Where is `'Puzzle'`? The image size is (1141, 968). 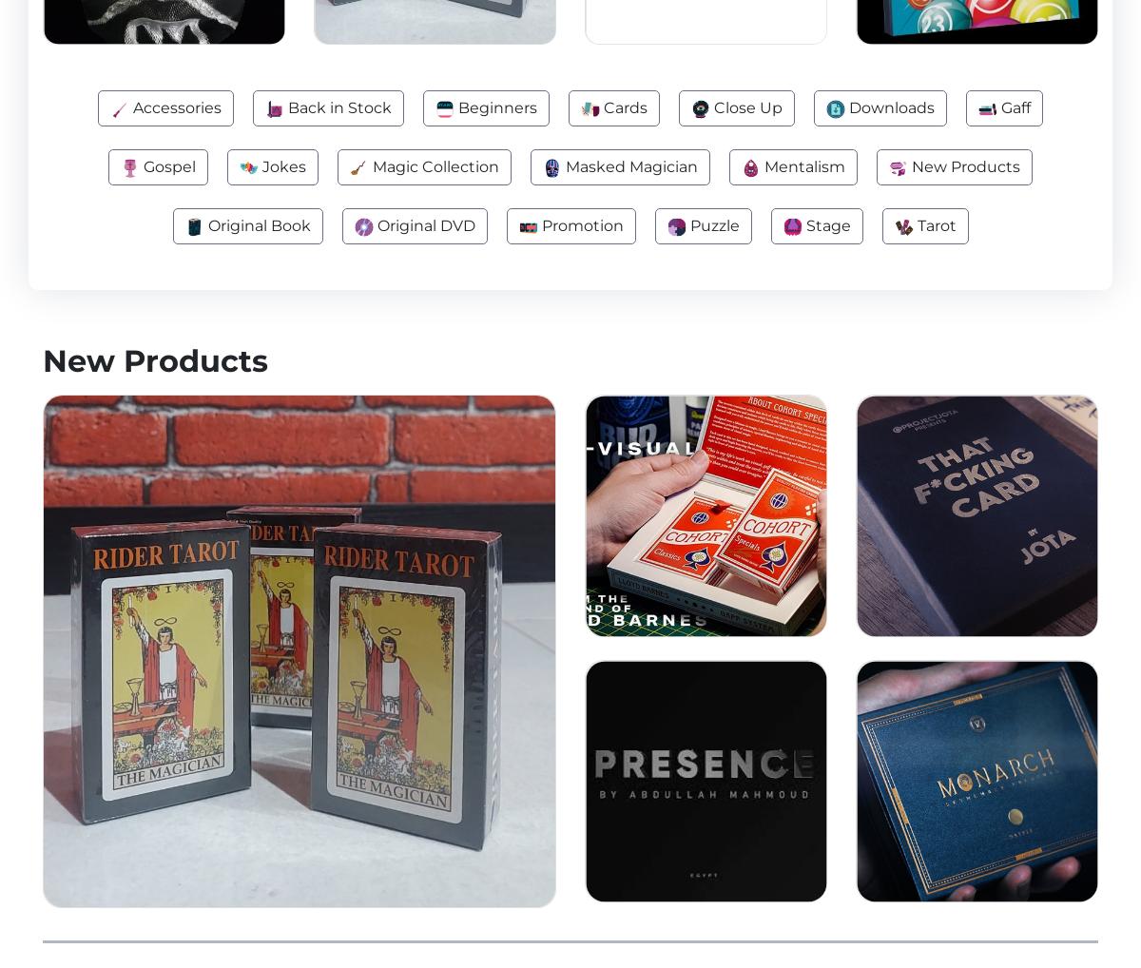
'Puzzle' is located at coordinates (712, 224).